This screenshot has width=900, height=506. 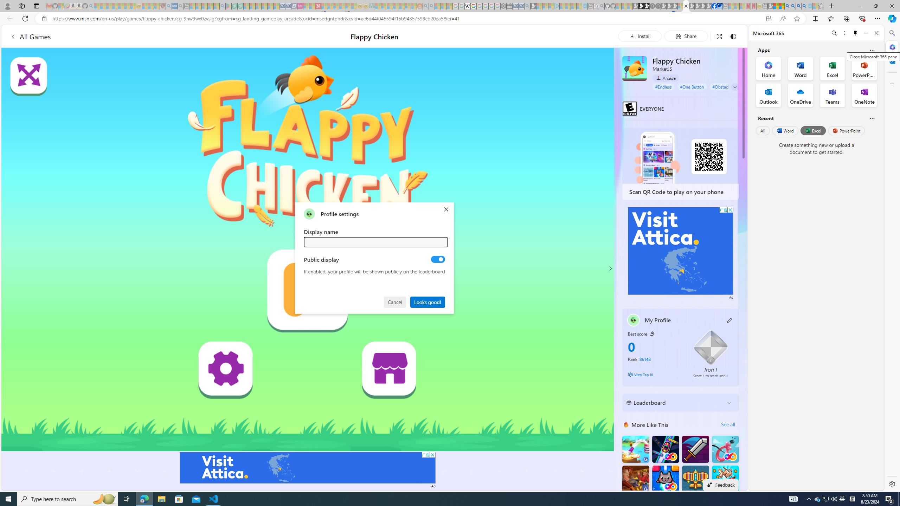 What do you see at coordinates (655, 374) in the screenshot?
I see `'View Top 10'` at bounding box center [655, 374].